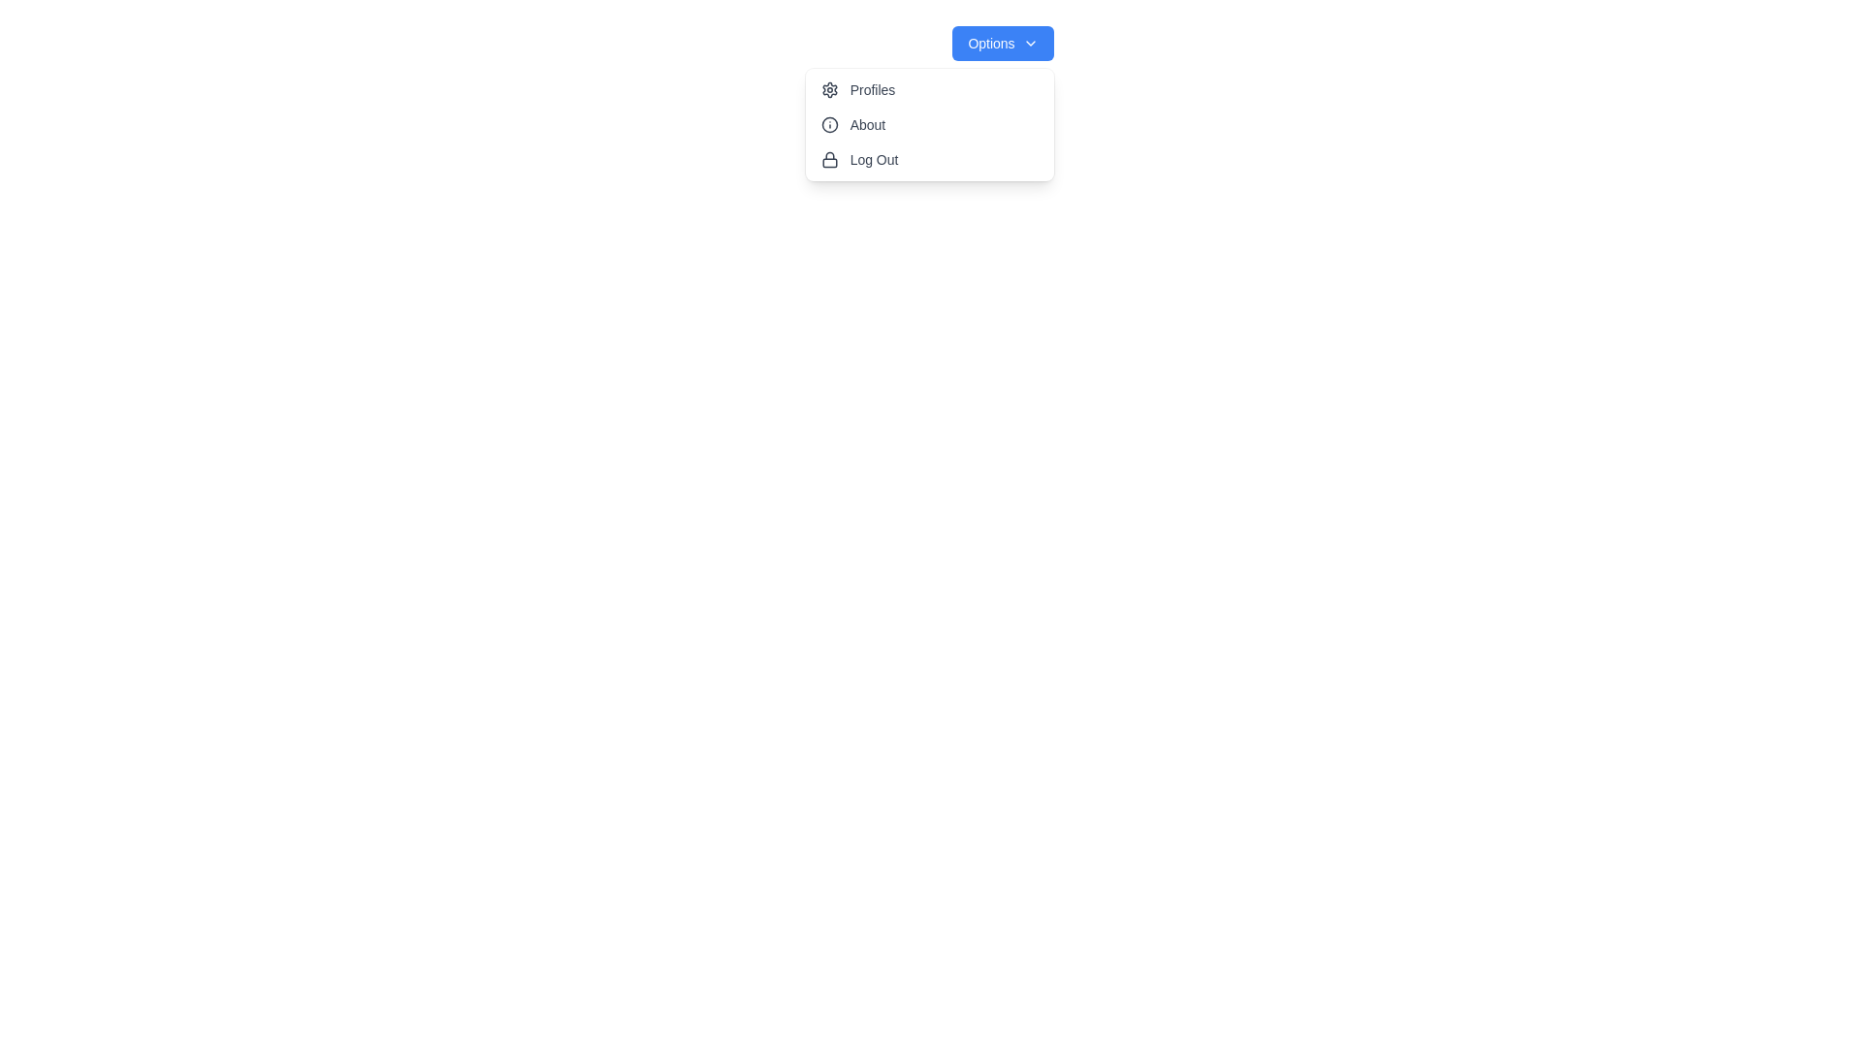  I want to click on the lock icon that is located to the left of the 'Log Out' text in the vertical dropdown menu, so click(829, 159).